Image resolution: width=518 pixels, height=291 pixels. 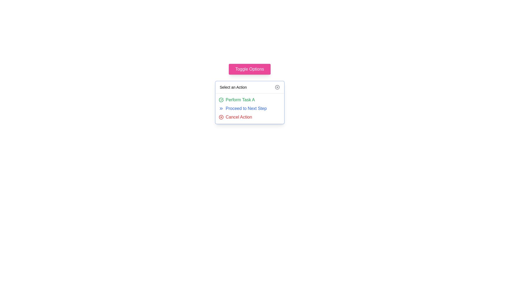 I want to click on the 'Cancel Action' button with a red font and a red circular icon with an 'X' to observe the hover effect, so click(x=249, y=117).